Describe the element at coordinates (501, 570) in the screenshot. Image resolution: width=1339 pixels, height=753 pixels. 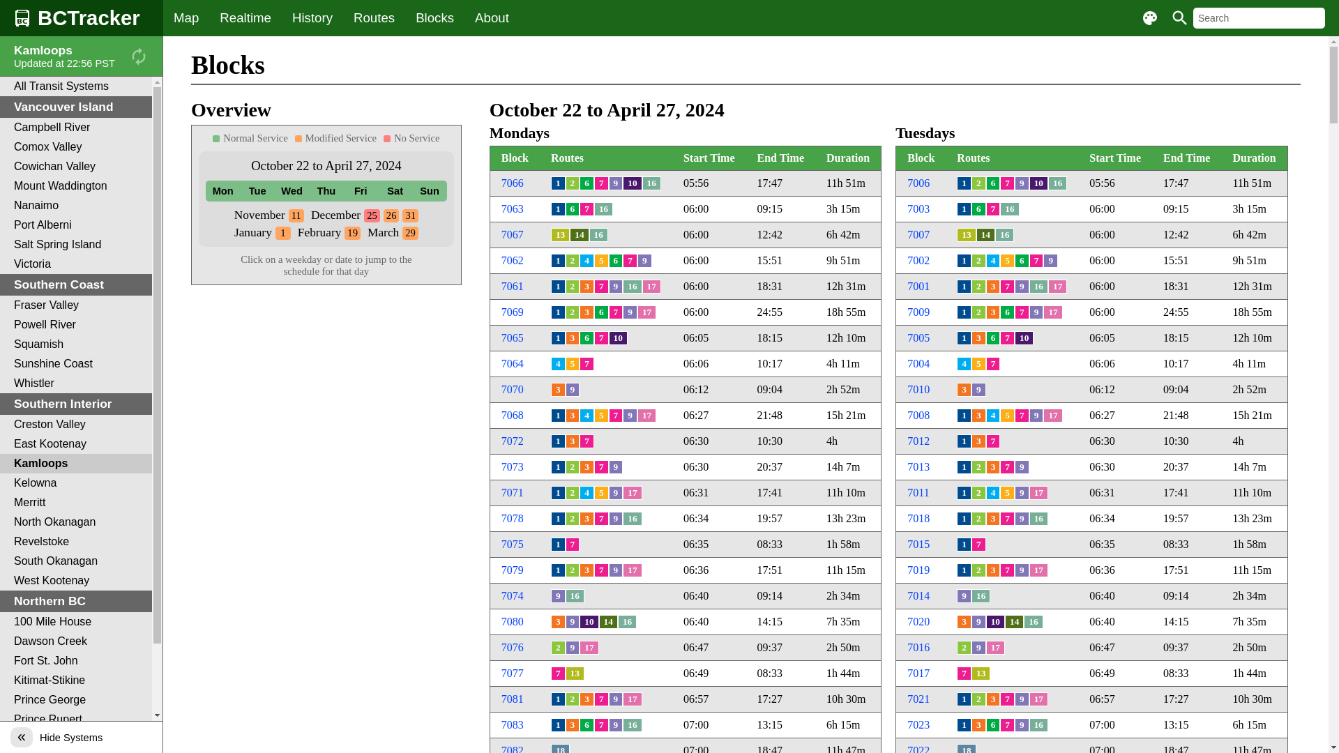
I see `'7079'` at that location.